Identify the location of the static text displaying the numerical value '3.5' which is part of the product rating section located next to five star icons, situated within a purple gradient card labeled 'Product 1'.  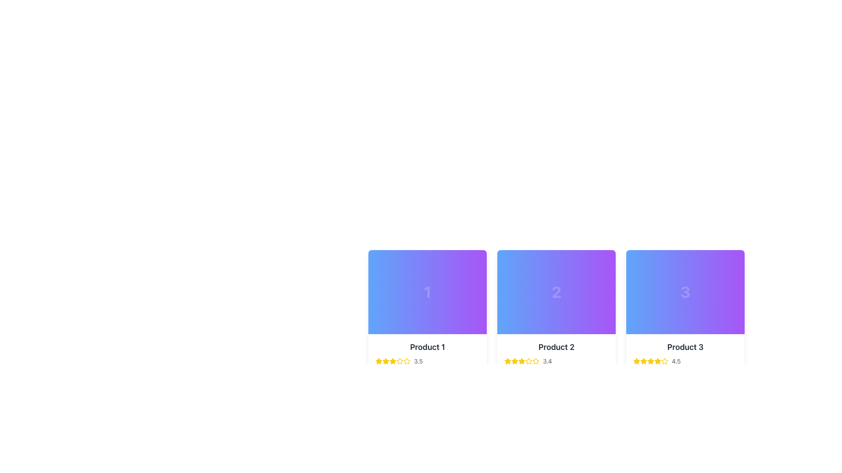
(418, 361).